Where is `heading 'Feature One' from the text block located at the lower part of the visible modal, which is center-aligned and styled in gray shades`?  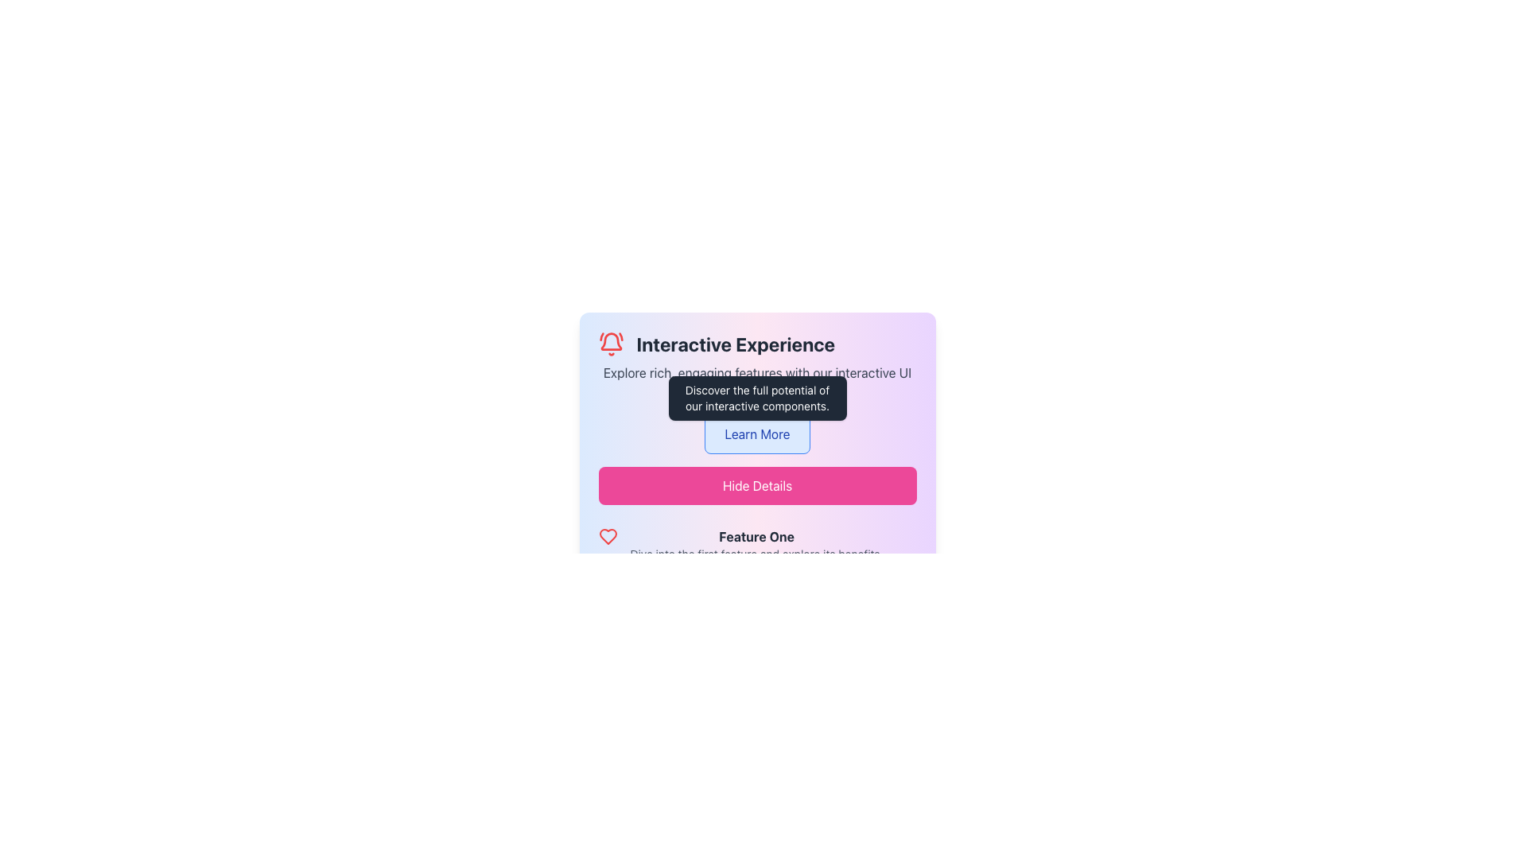 heading 'Feature One' from the text block located at the lower part of the visible modal, which is center-aligned and styled in gray shades is located at coordinates (756, 544).